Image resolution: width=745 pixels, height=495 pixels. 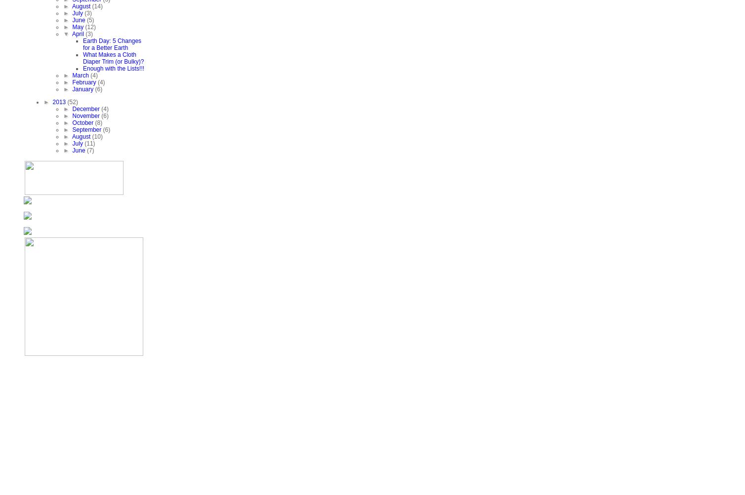 What do you see at coordinates (89, 143) in the screenshot?
I see `'(11)'` at bounding box center [89, 143].